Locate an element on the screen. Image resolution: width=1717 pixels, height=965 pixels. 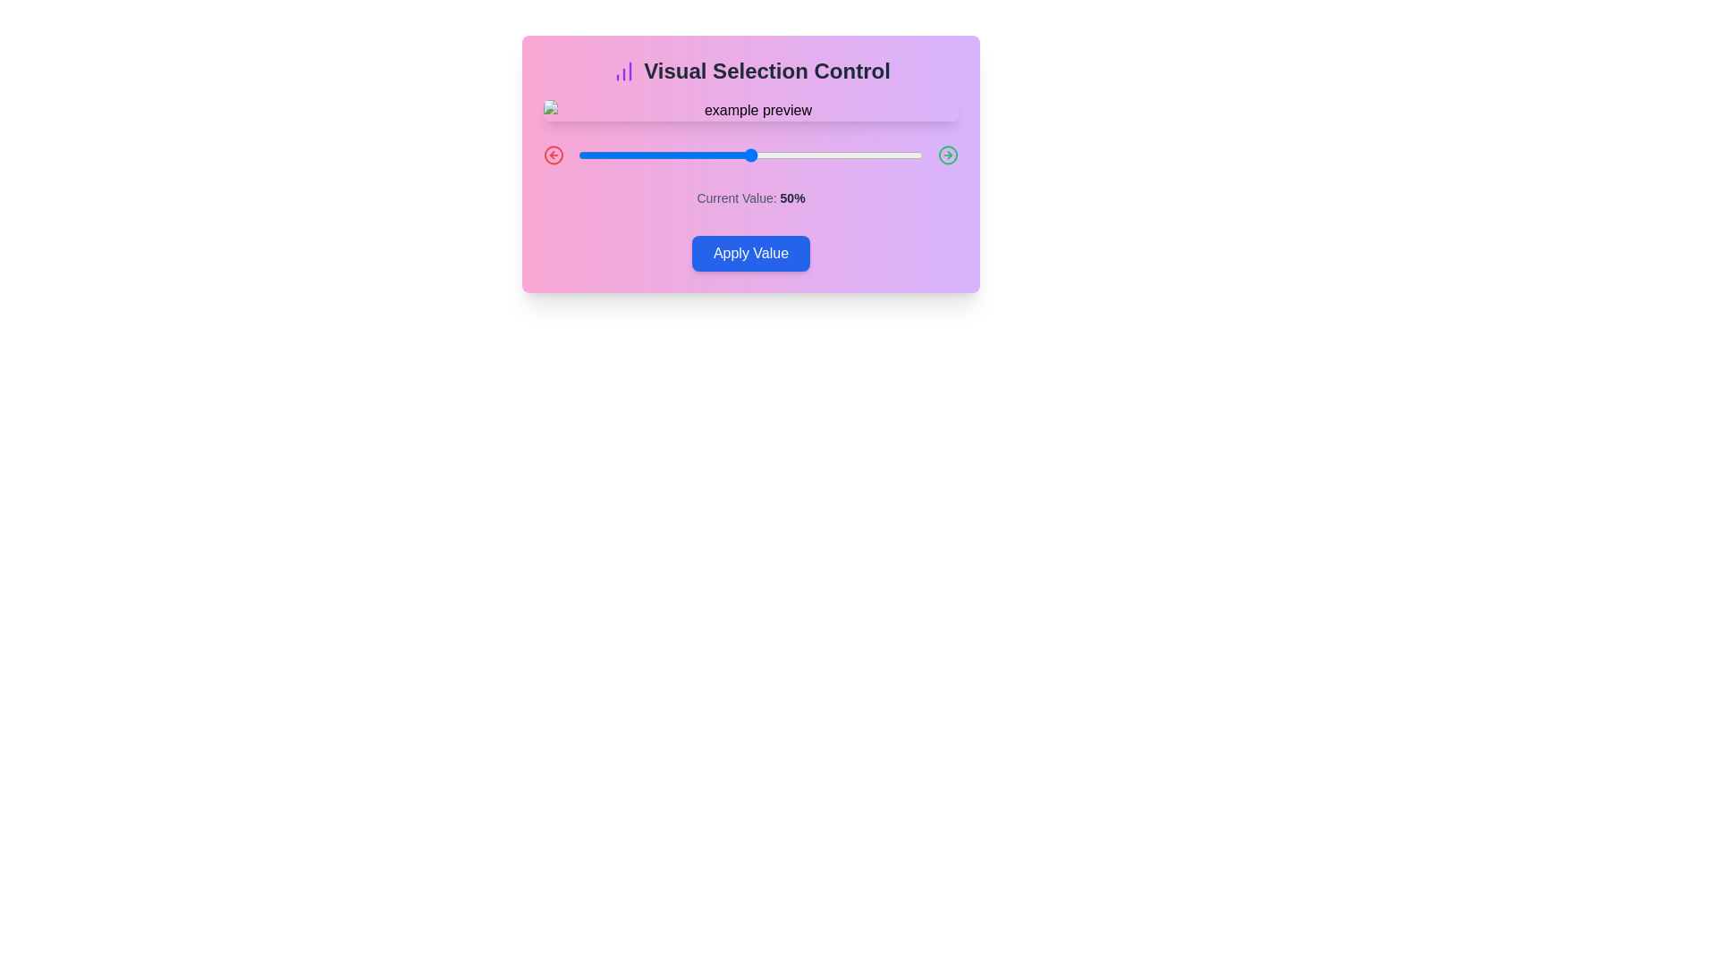
the slider to set its value to 87% is located at coordinates (878, 154).